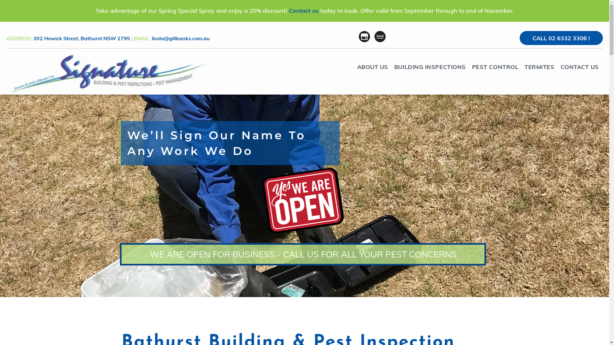 Image resolution: width=614 pixels, height=345 pixels. What do you see at coordinates (106, 73) in the screenshot?
I see `'Pest Control Bathurst'` at bounding box center [106, 73].